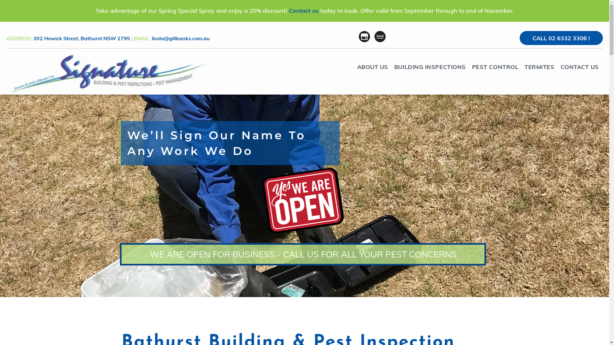 Image resolution: width=614 pixels, height=345 pixels. What do you see at coordinates (106, 73) in the screenshot?
I see `'Pest Control Bathurst'` at bounding box center [106, 73].